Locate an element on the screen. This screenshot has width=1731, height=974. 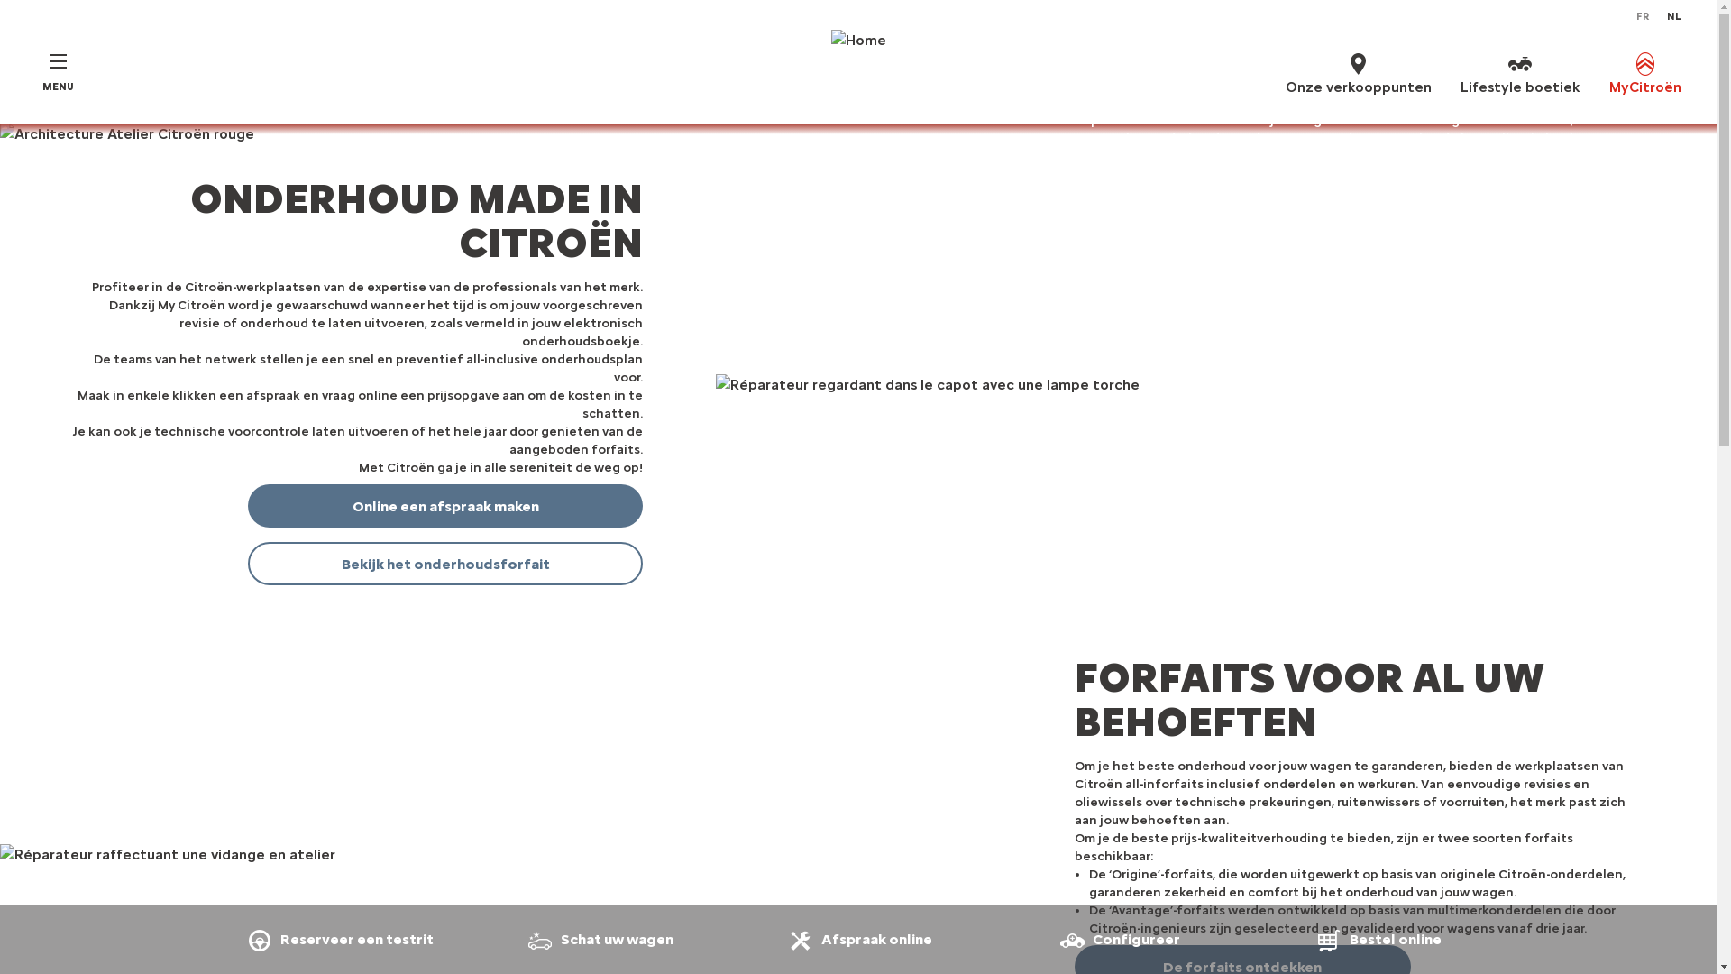
'Bestel online' is located at coordinates (1377, 938).